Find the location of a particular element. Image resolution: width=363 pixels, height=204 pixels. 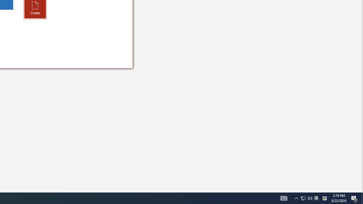

'Action Center, 2 new notifications' is located at coordinates (362, 198).